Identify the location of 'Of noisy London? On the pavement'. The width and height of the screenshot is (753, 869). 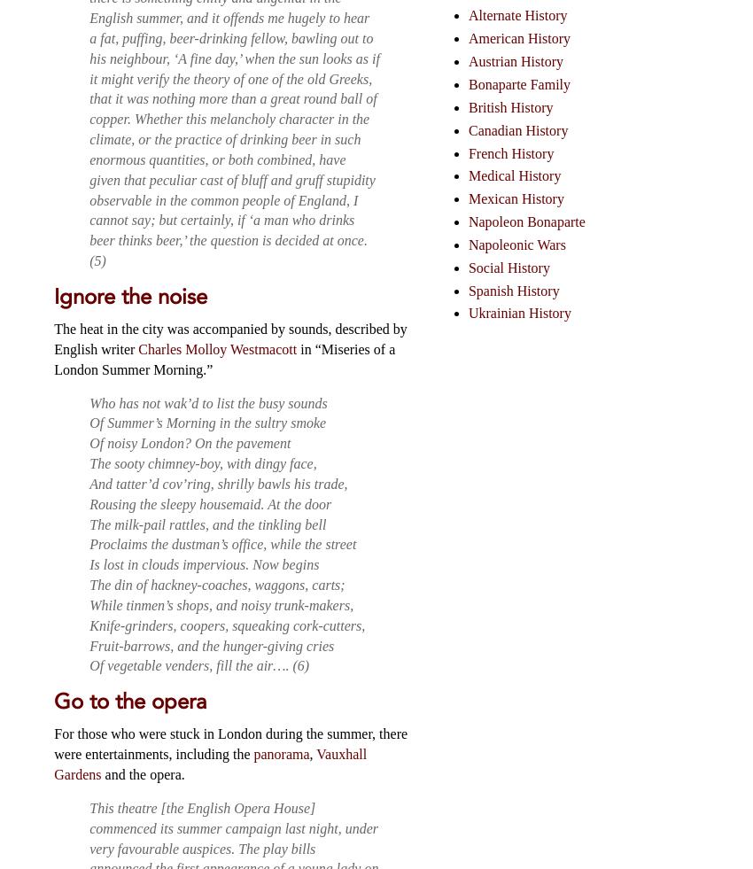
(88, 443).